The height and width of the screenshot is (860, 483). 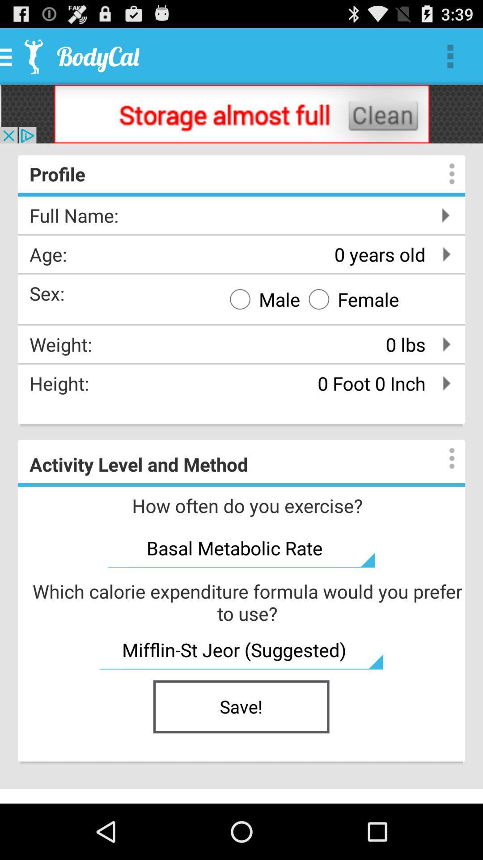 What do you see at coordinates (443, 458) in the screenshot?
I see `parameter button` at bounding box center [443, 458].